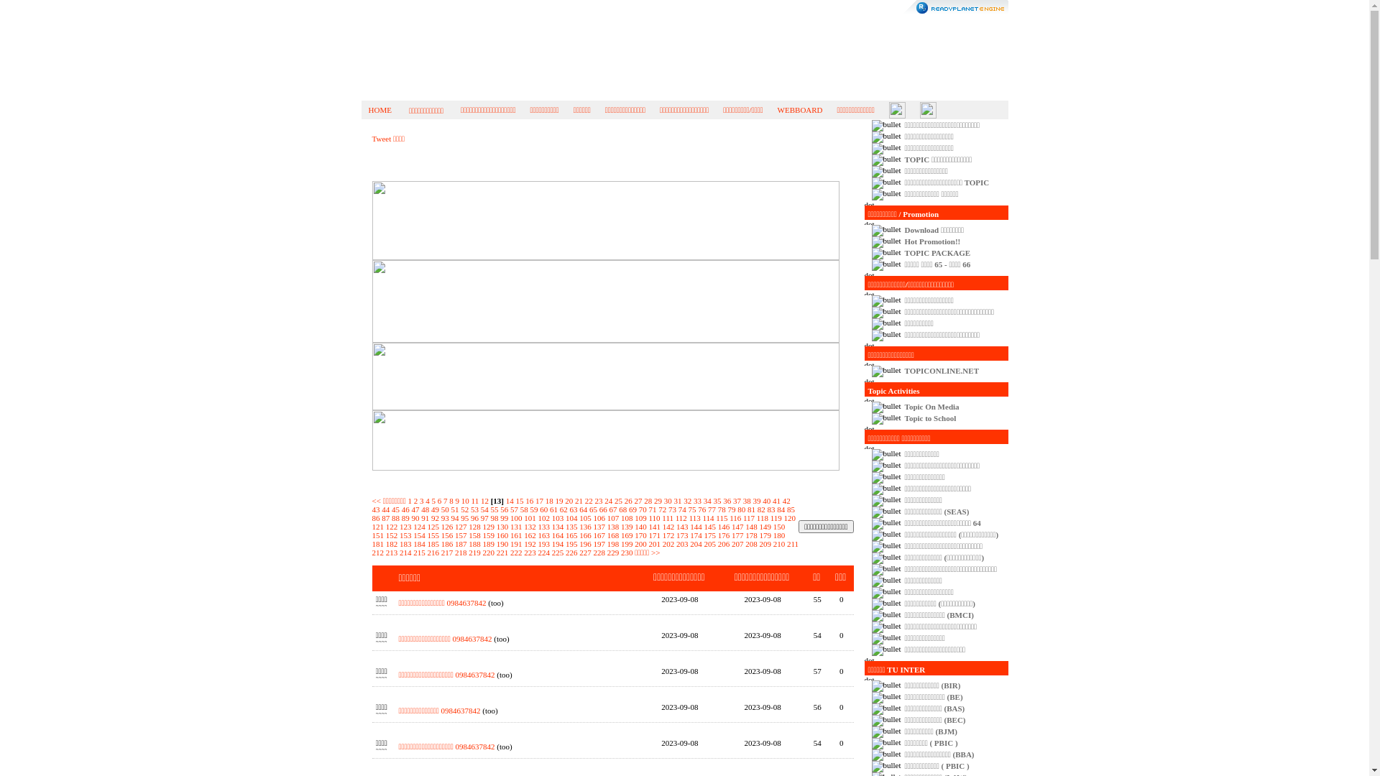 The image size is (1380, 776). What do you see at coordinates (710, 543) in the screenshot?
I see `'205'` at bounding box center [710, 543].